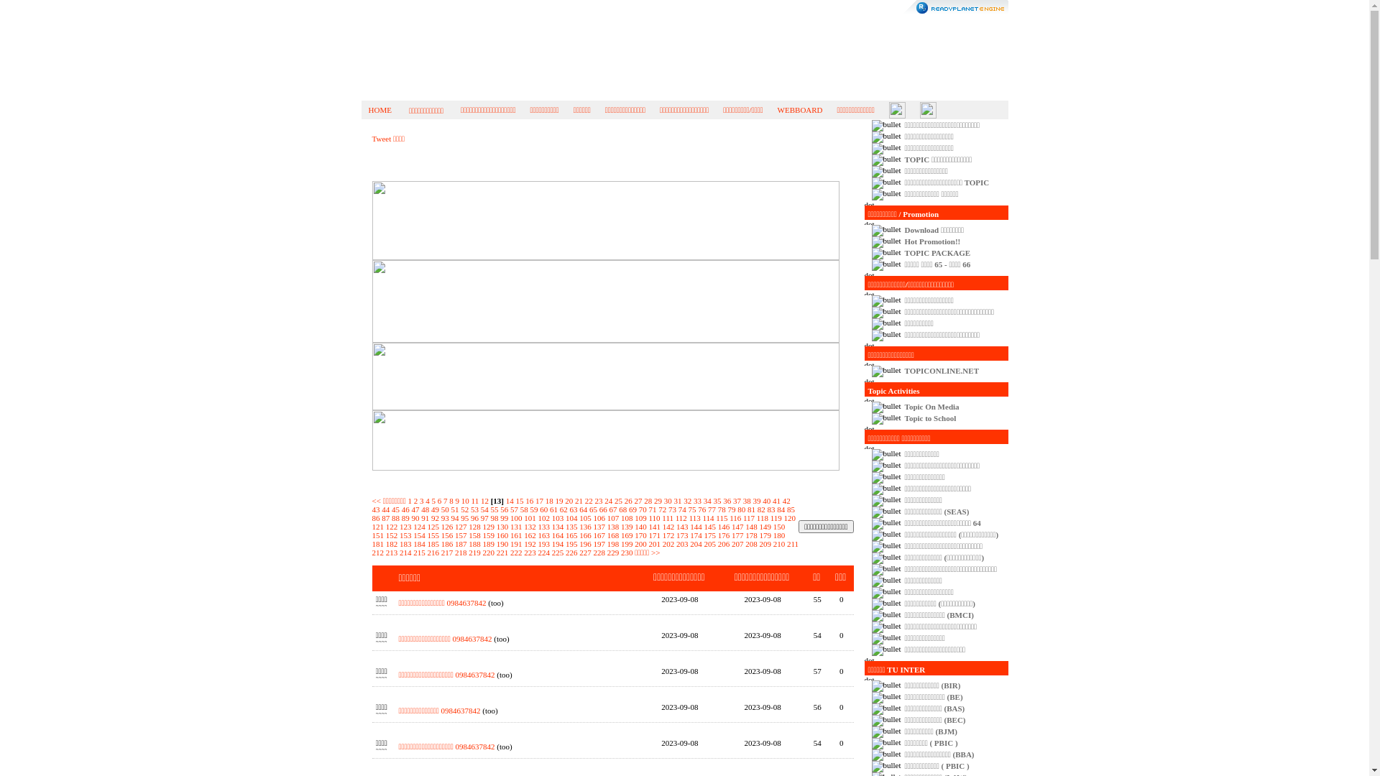 The image size is (1380, 776). What do you see at coordinates (710, 543) in the screenshot?
I see `'205'` at bounding box center [710, 543].